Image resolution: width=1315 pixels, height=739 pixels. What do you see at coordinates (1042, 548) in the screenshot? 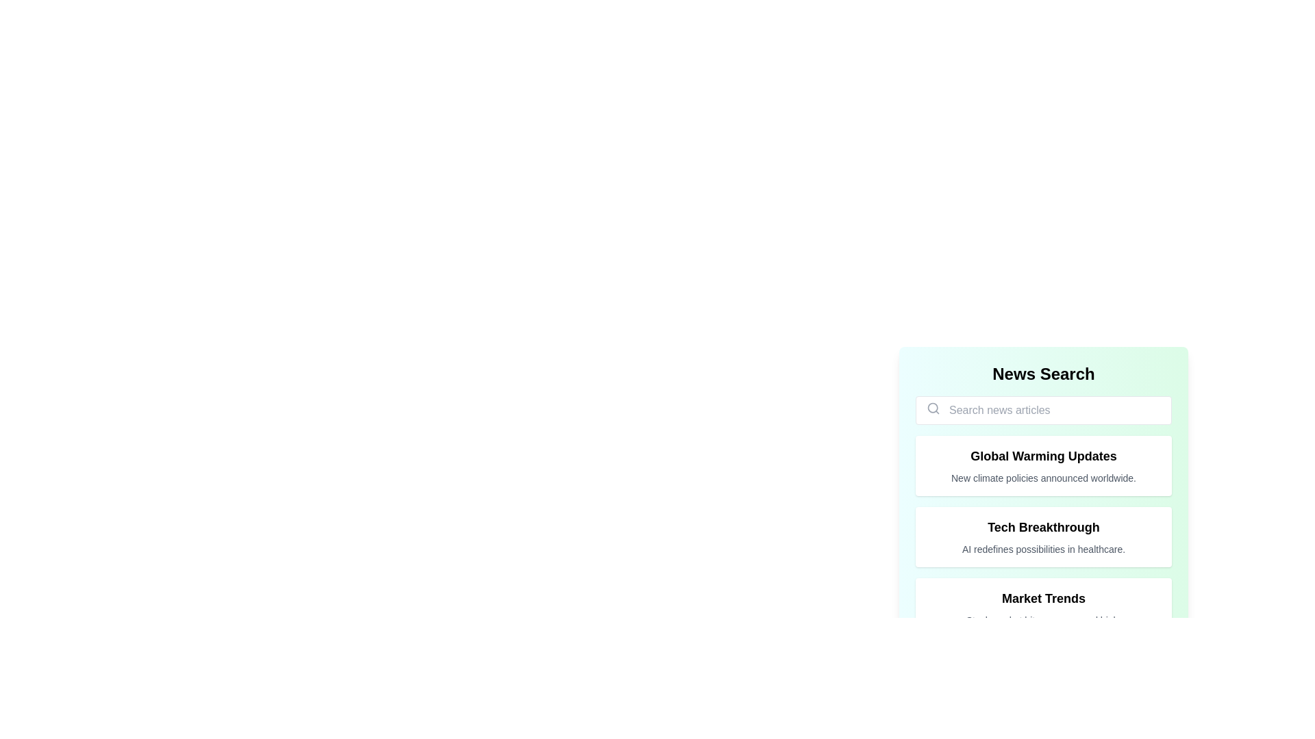
I see `the text content located within the highlighted card titled 'Tech Breakthrough,' positioned below the title text and centrally aligned` at bounding box center [1042, 548].